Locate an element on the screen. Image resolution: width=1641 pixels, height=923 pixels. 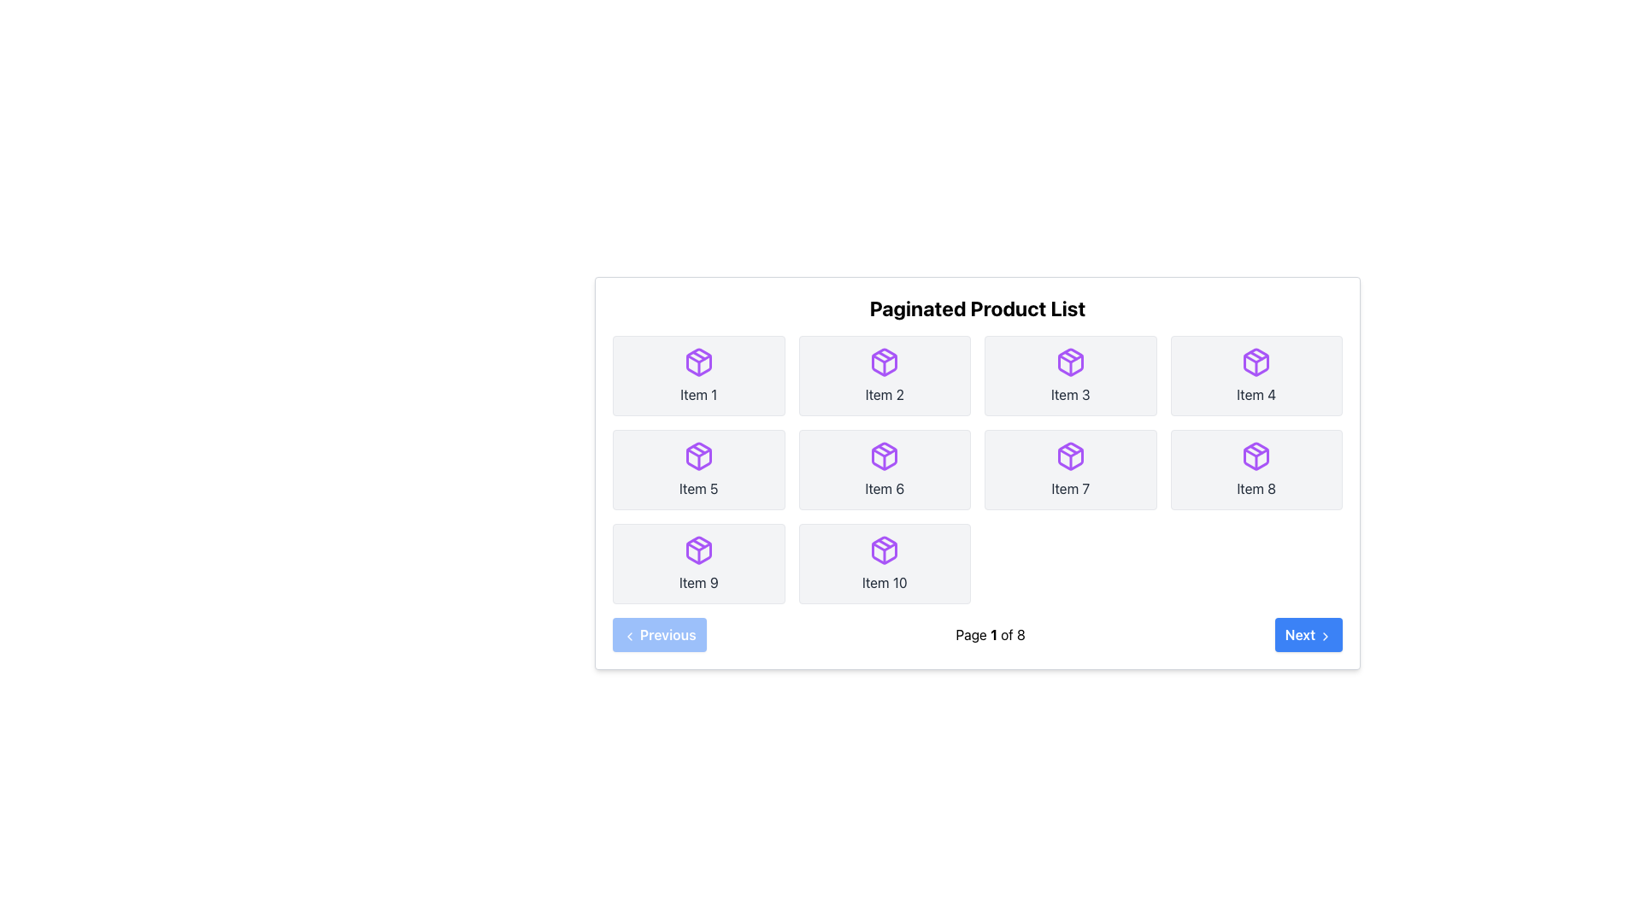
the icon resembling a 3D box with purple lines and shading, located in the third row, second column of the grid layout, part of the card labeled 'Item 7' is located at coordinates (1069, 455).